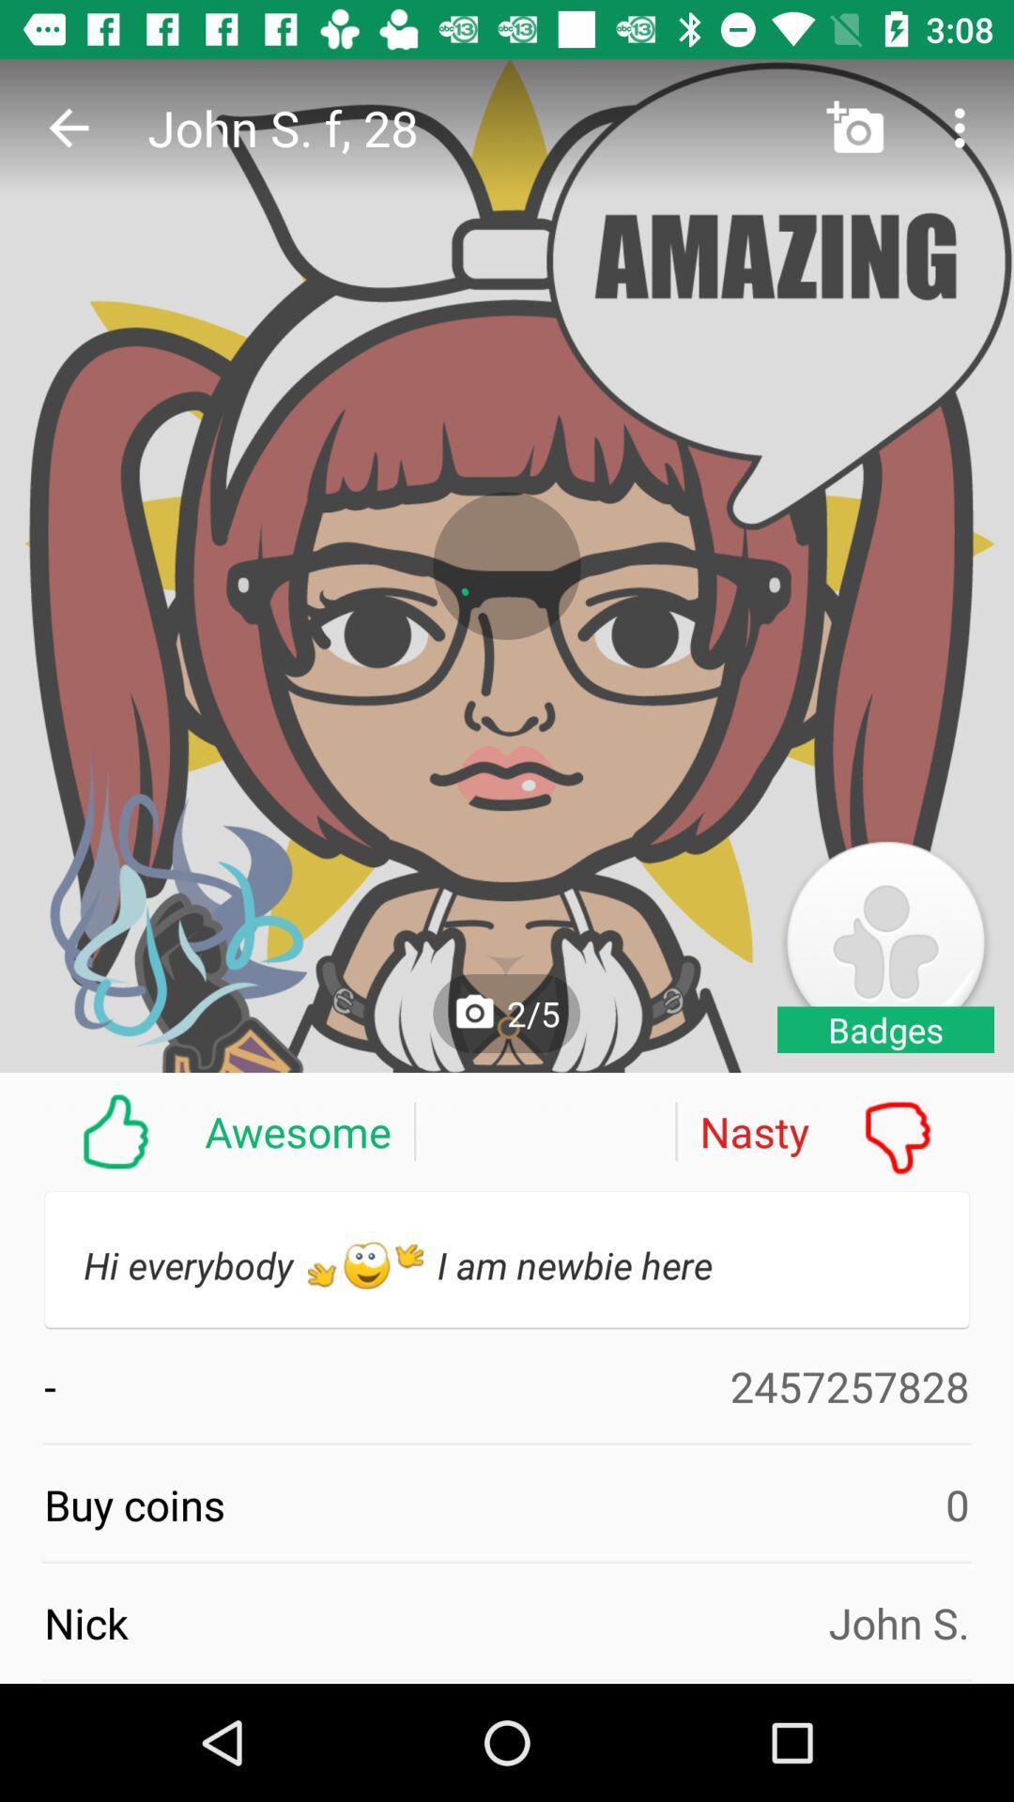 This screenshot has height=1802, width=1014. Describe the element at coordinates (964, 128) in the screenshot. I see `more button` at that location.